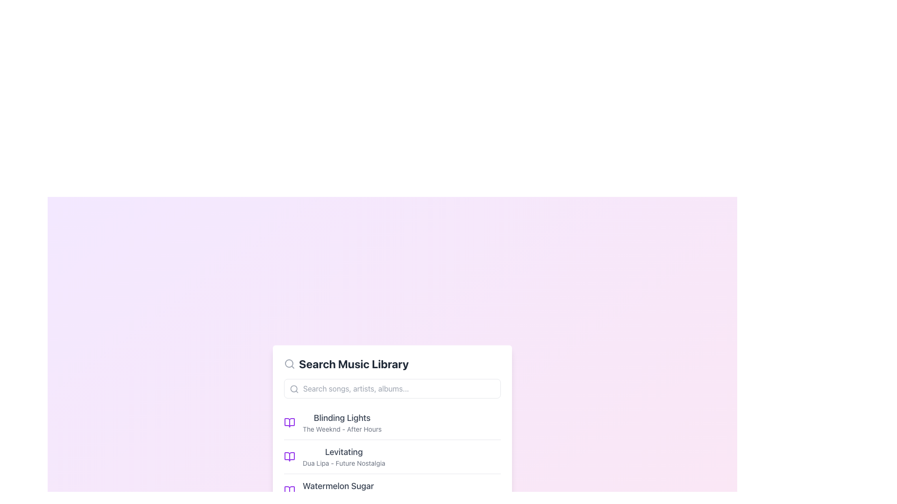  Describe the element at coordinates (289, 422) in the screenshot. I see `the purple book icon positioned to the left of the song title 'Blinding Lights' and artist 'The Weeknd - After Hours' in the music library interface` at that location.